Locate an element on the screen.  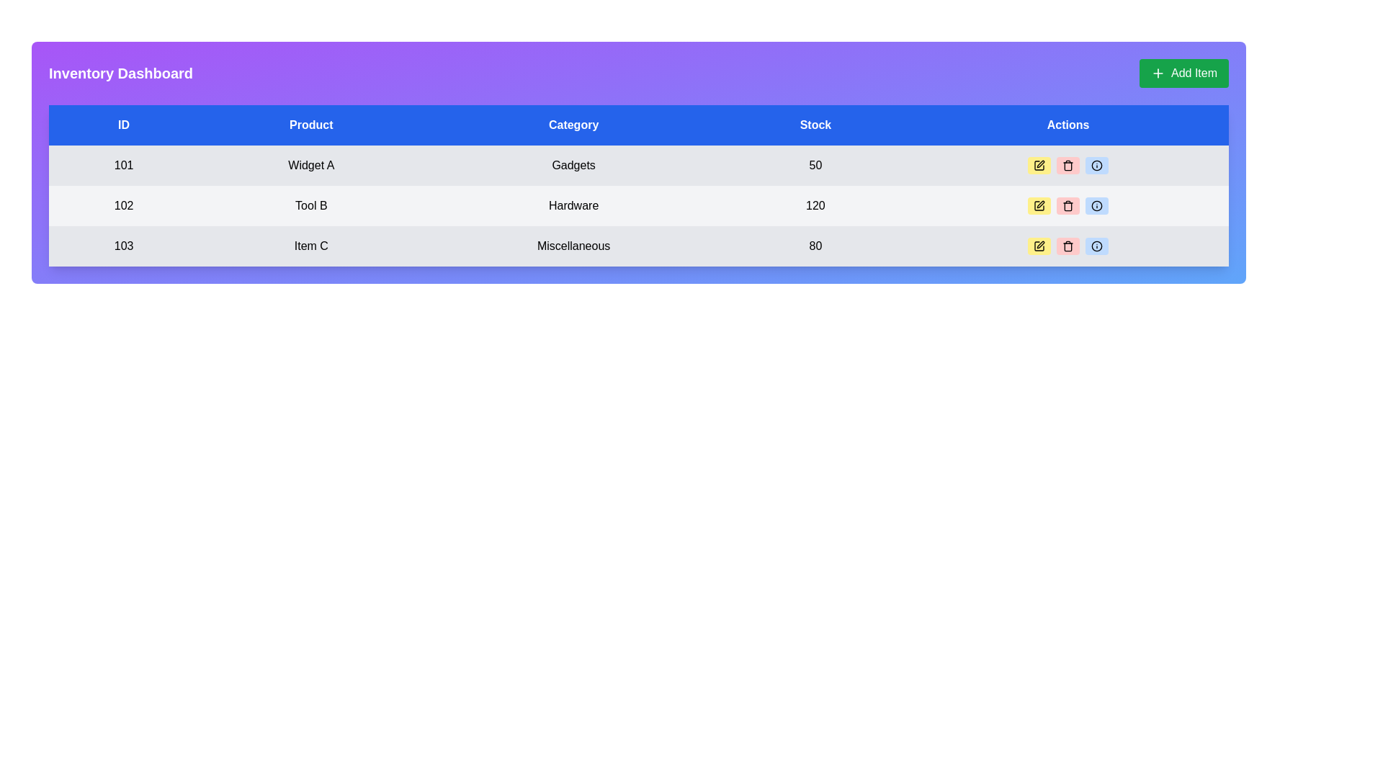
the delete button located in the middle row of the 'Actions' column in the inventory table to observe the hover effect is located at coordinates (1068, 205).